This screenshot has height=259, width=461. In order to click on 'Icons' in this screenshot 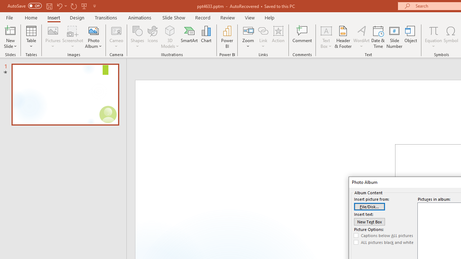, I will do `click(152, 37)`.